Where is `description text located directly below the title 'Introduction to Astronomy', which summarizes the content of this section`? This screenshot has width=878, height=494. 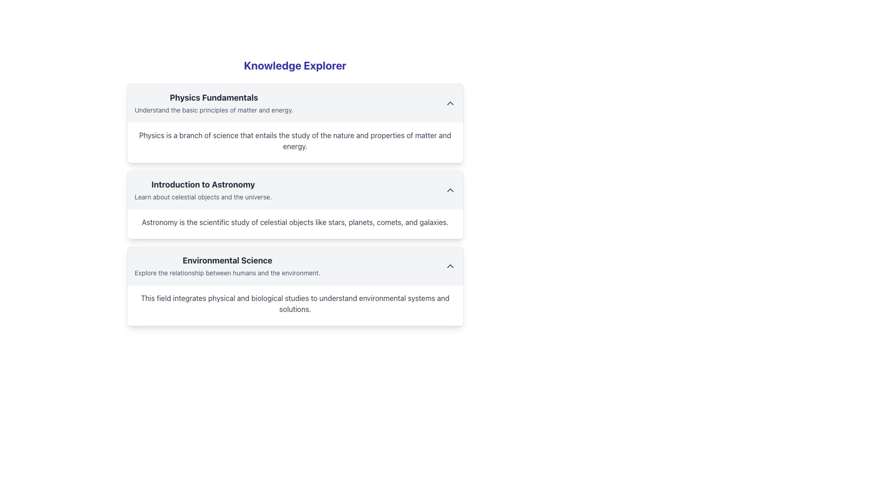 description text located directly below the title 'Introduction to Astronomy', which summarizes the content of this section is located at coordinates (203, 196).